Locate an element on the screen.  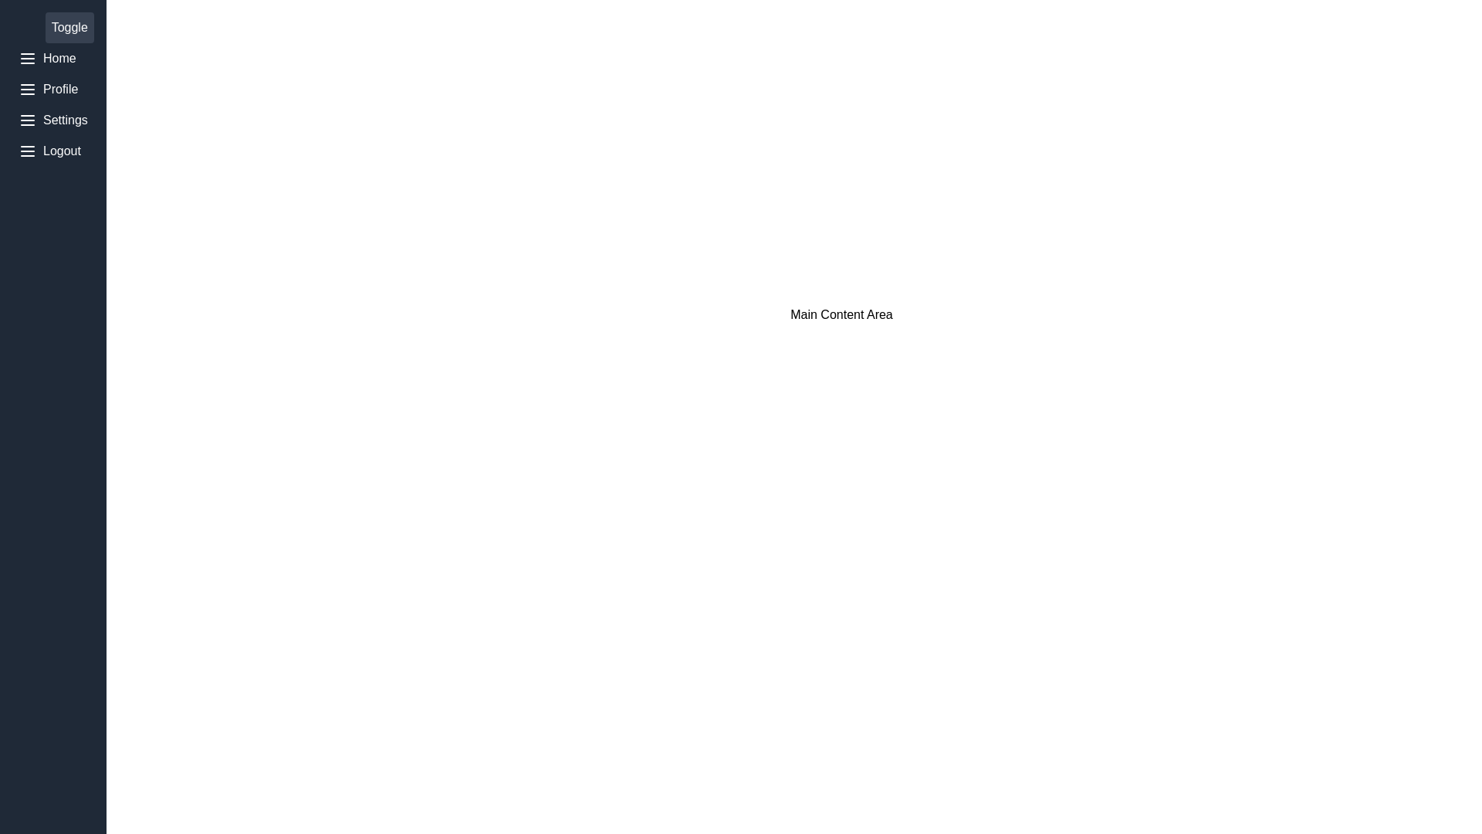
the toggle button to toggle the drawer visibility is located at coordinates (69, 27).